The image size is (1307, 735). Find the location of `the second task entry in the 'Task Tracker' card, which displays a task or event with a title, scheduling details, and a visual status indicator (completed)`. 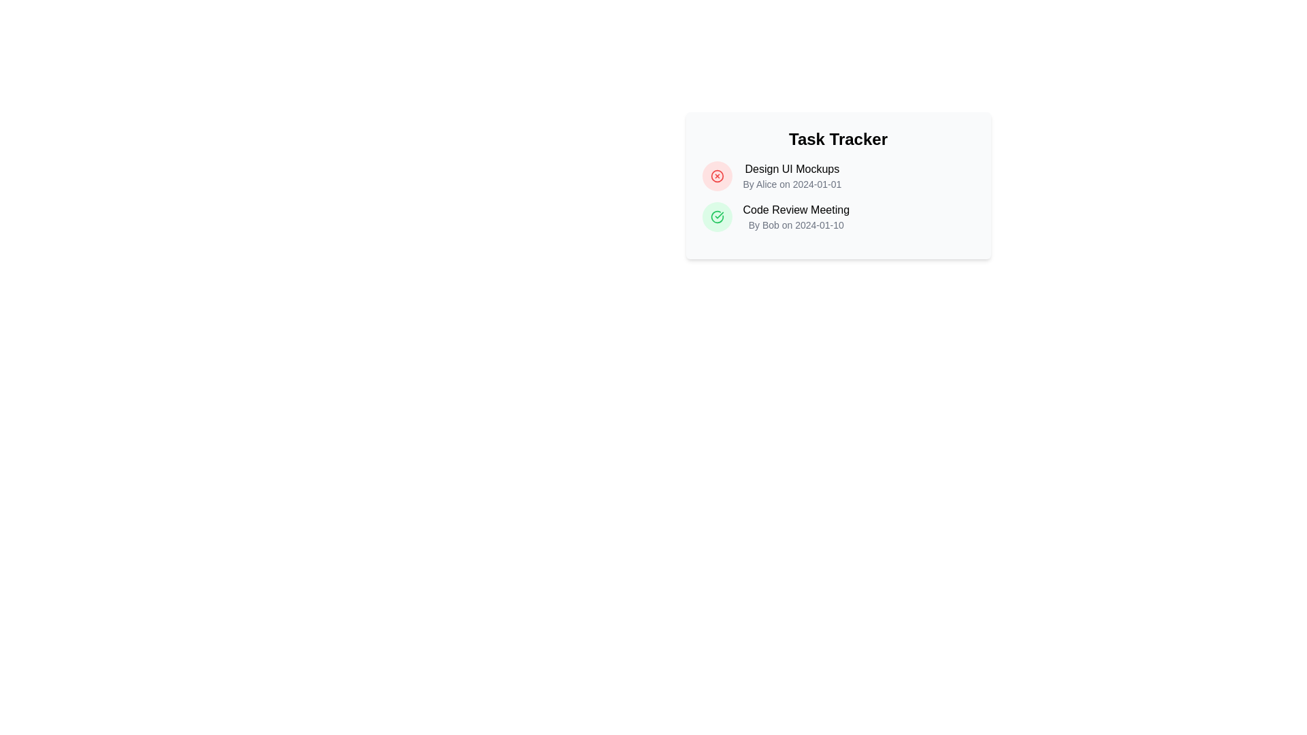

the second task entry in the 'Task Tracker' card, which displays a task or event with a title, scheduling details, and a visual status indicator (completed) is located at coordinates (837, 216).